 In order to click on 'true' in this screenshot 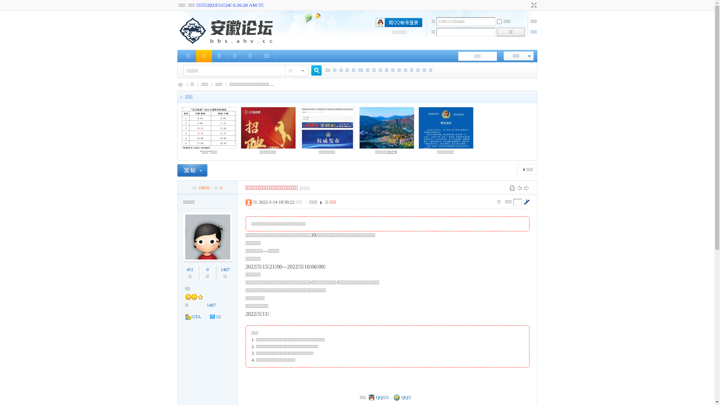, I will do `click(313, 70)`.